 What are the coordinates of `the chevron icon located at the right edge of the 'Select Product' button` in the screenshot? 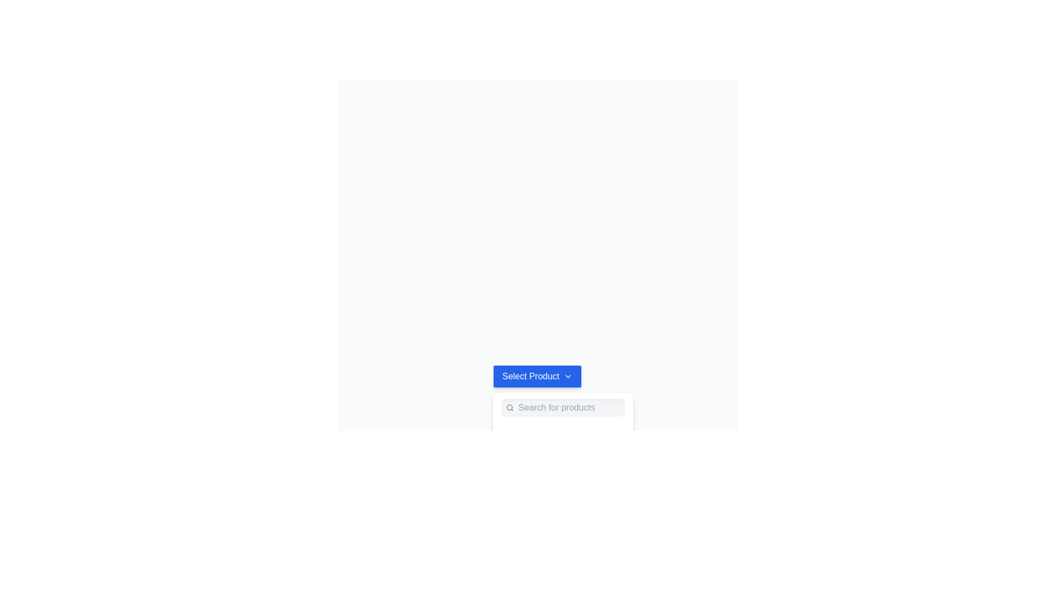 It's located at (568, 375).